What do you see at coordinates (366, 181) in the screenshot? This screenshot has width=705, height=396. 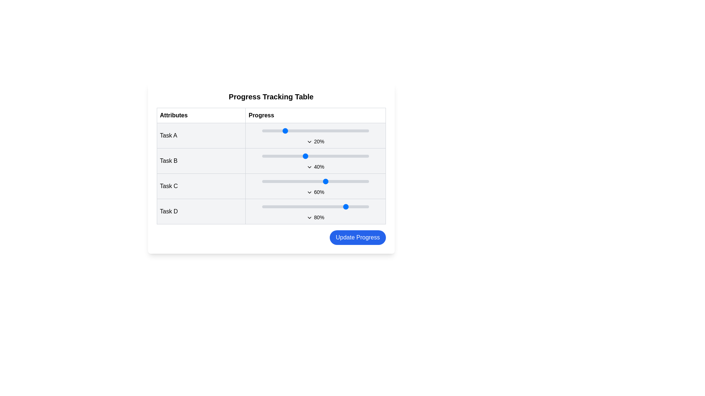 I see `the progress level` at bounding box center [366, 181].